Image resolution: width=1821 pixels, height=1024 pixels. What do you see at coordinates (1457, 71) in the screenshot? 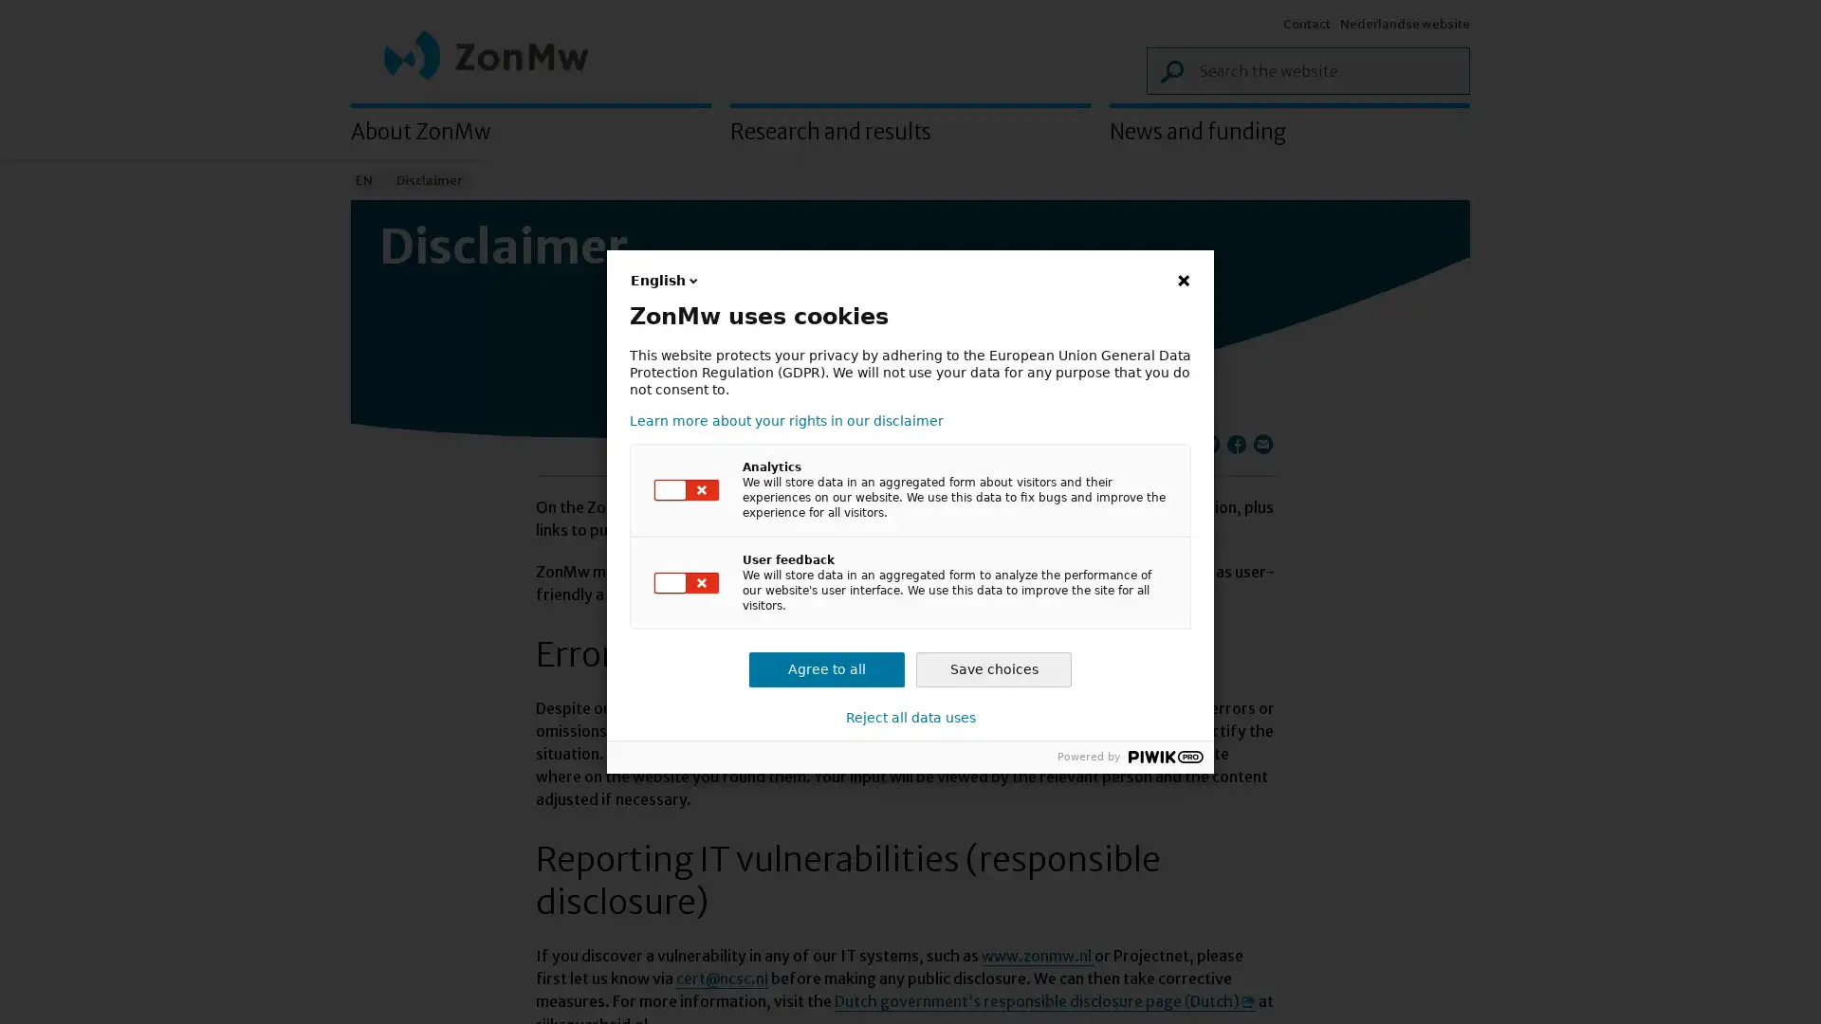
I see `Search` at bounding box center [1457, 71].